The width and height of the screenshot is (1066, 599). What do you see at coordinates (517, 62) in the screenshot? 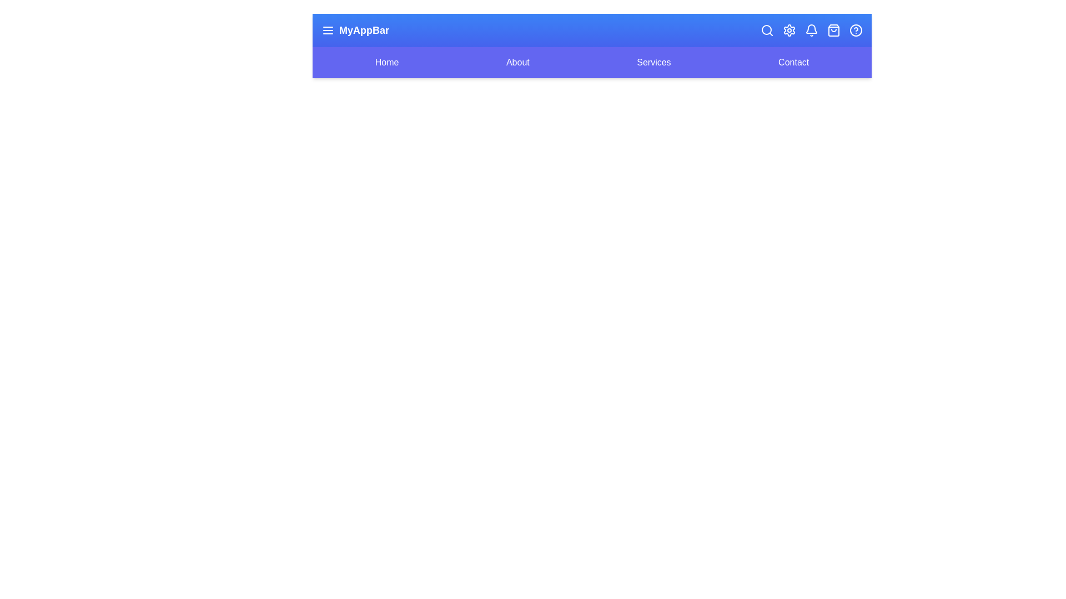
I see `the navigation link labeled 'About'` at bounding box center [517, 62].